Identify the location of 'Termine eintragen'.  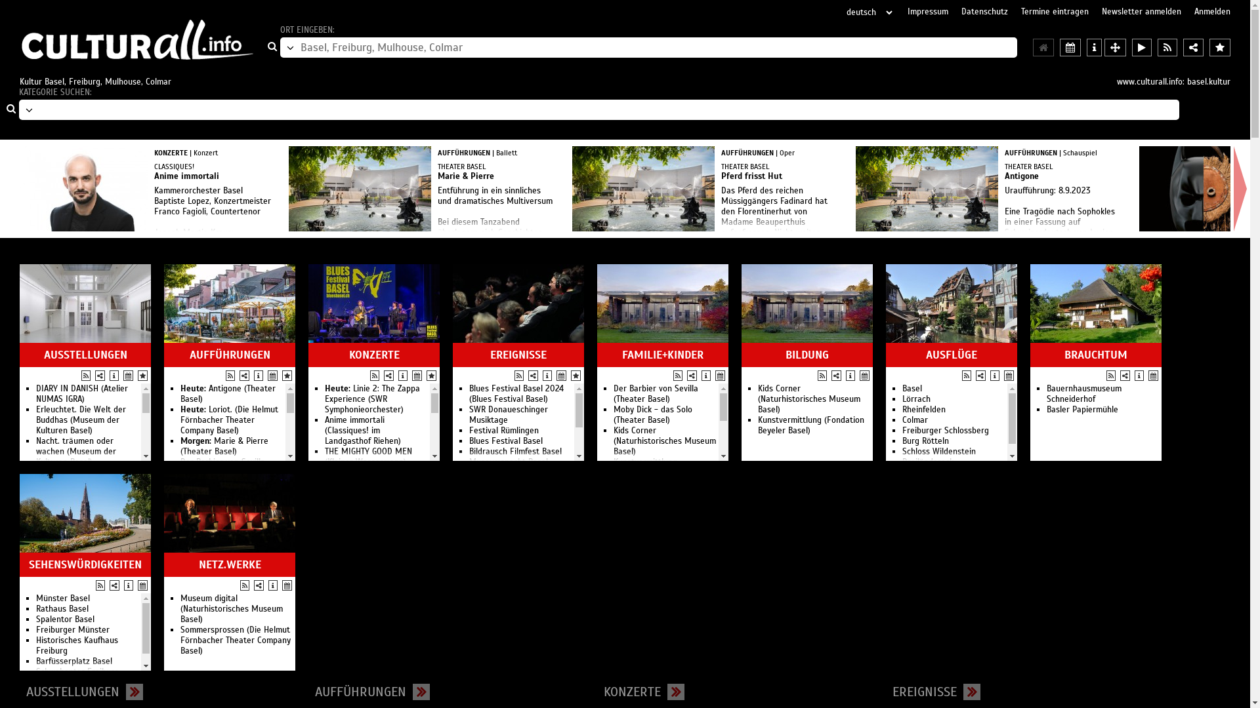
(1055, 12).